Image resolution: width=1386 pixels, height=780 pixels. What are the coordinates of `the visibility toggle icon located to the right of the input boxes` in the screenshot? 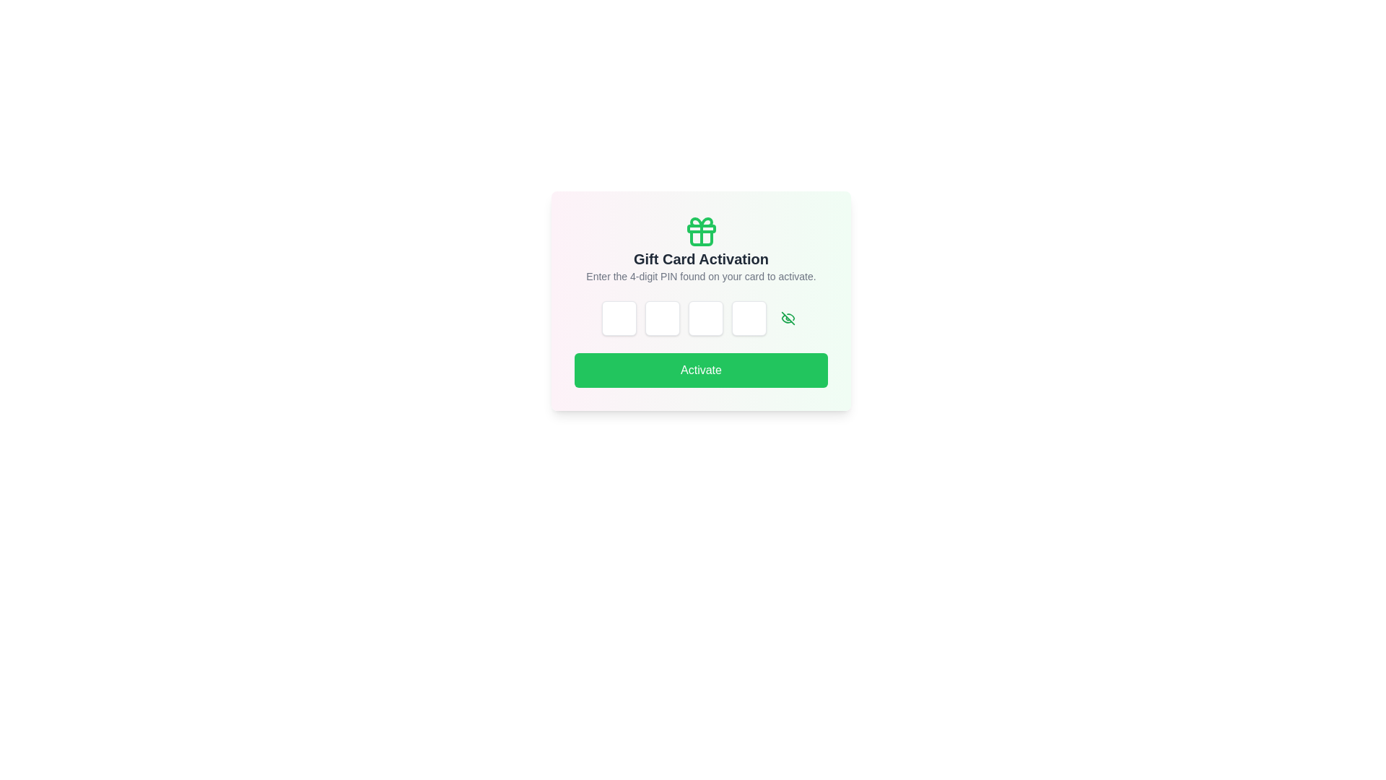 It's located at (787, 317).